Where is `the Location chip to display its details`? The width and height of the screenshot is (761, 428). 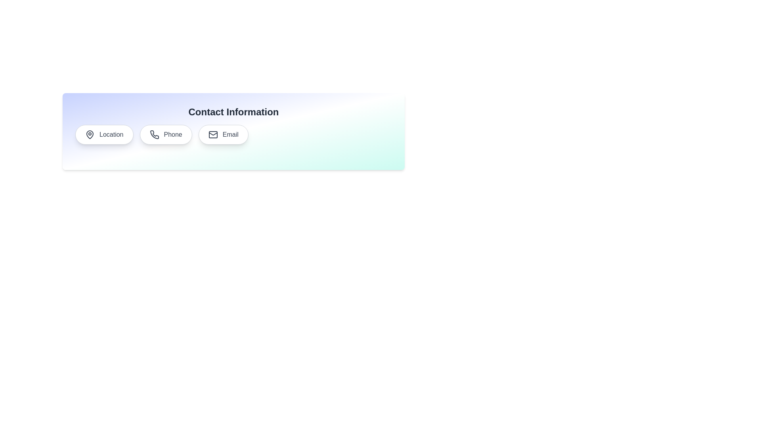
the Location chip to display its details is located at coordinates (104, 134).